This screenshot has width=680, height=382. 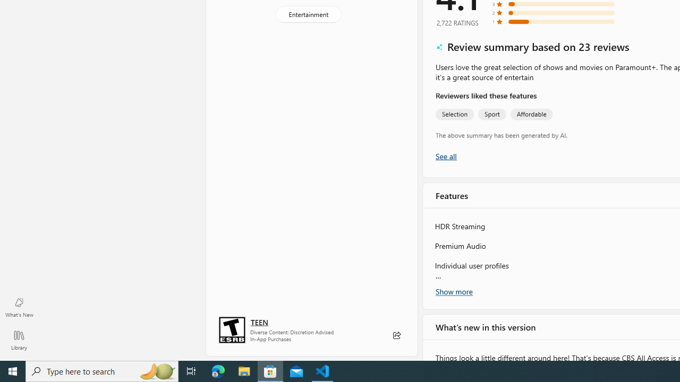 What do you see at coordinates (396, 335) in the screenshot?
I see `'Share'` at bounding box center [396, 335].